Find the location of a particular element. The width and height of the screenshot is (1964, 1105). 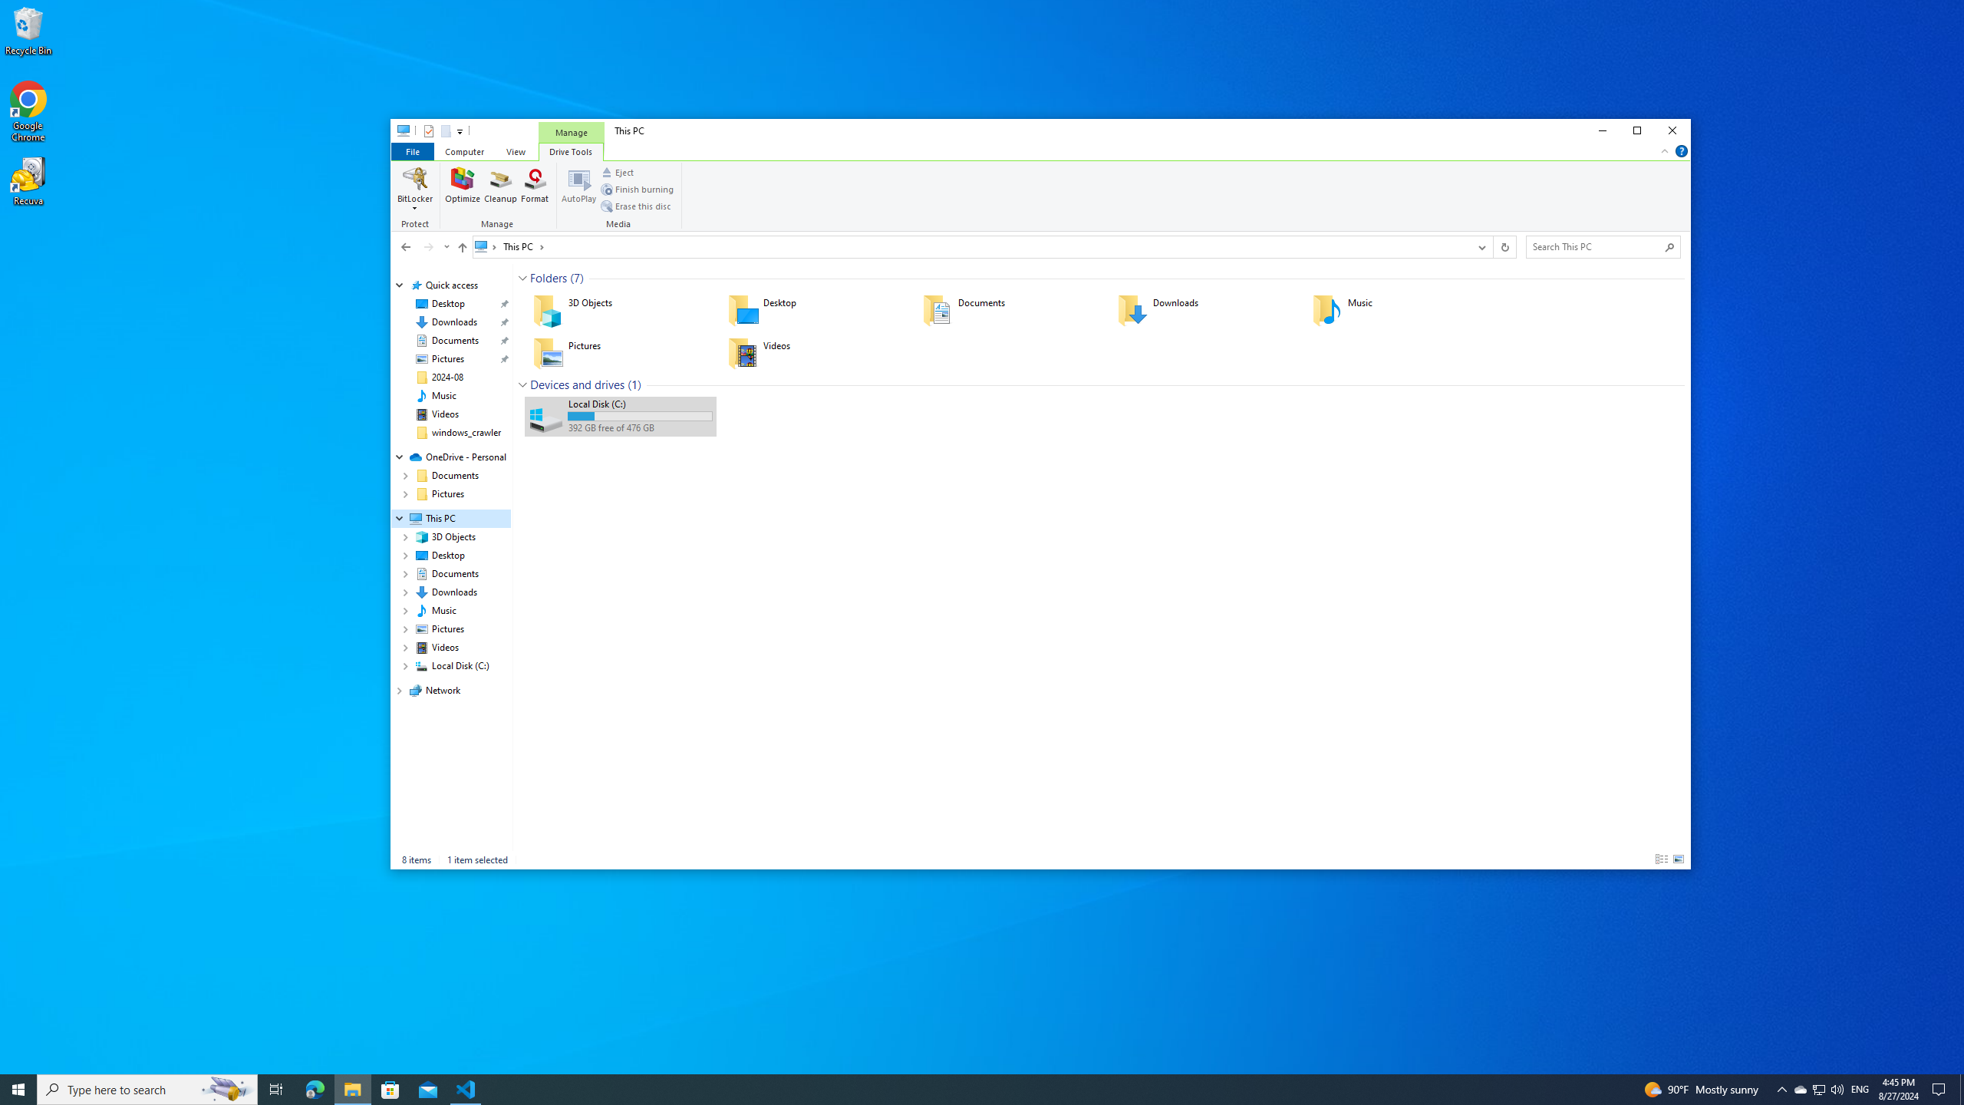

'Show desktop' is located at coordinates (1961, 1088).